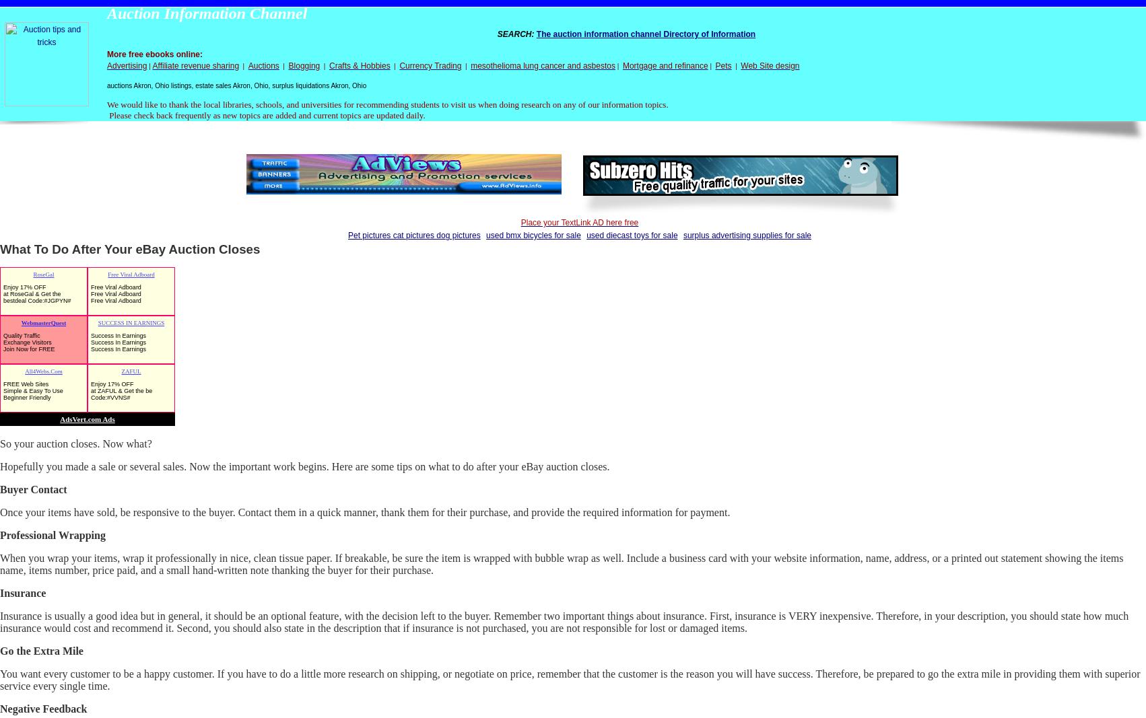 The width and height of the screenshot is (1146, 718). I want to click on 'Blogging', so click(303, 65).